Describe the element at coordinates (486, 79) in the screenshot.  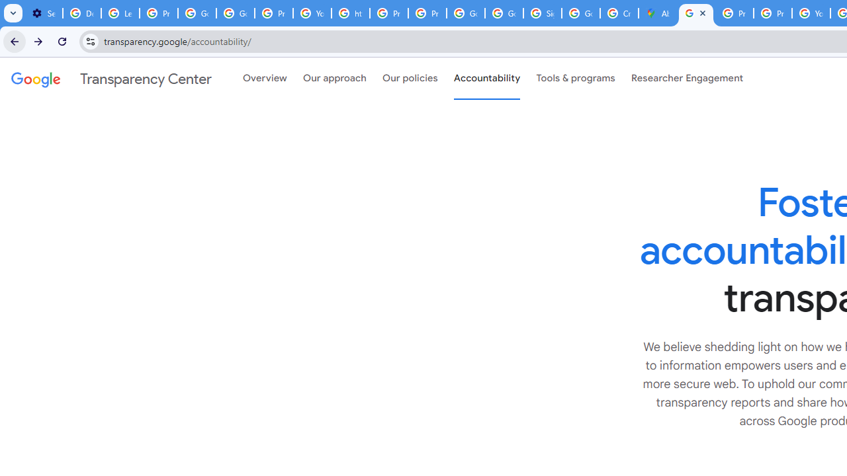
I see `'Accountability'` at that location.